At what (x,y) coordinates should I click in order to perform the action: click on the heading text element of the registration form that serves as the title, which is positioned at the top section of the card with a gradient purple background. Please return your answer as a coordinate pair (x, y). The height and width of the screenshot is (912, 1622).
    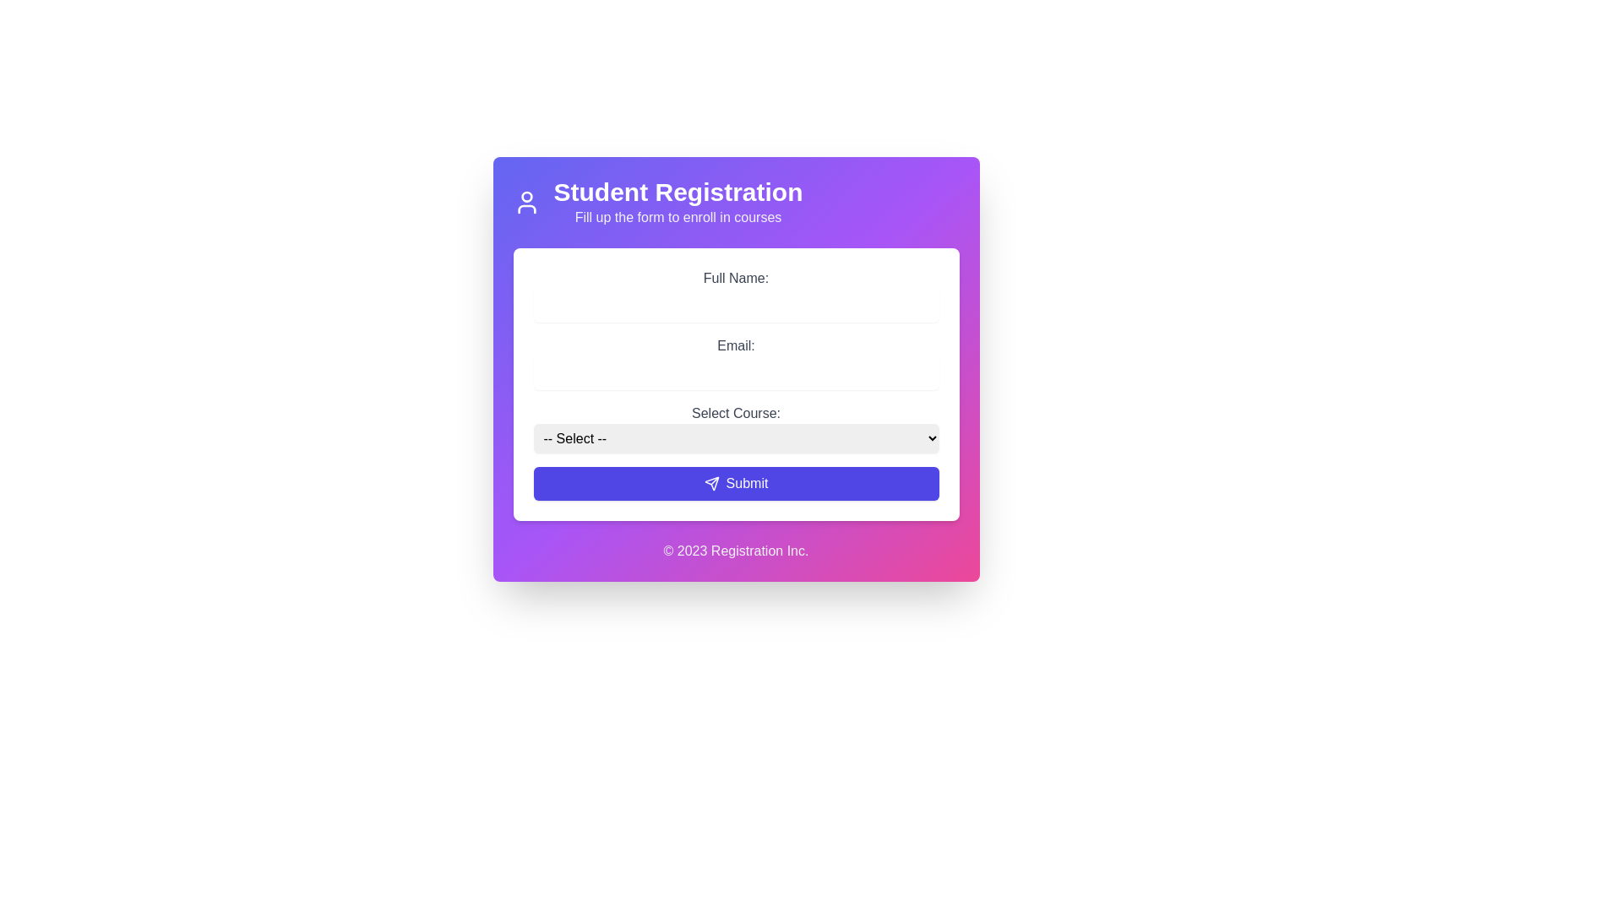
    Looking at the image, I should click on (678, 191).